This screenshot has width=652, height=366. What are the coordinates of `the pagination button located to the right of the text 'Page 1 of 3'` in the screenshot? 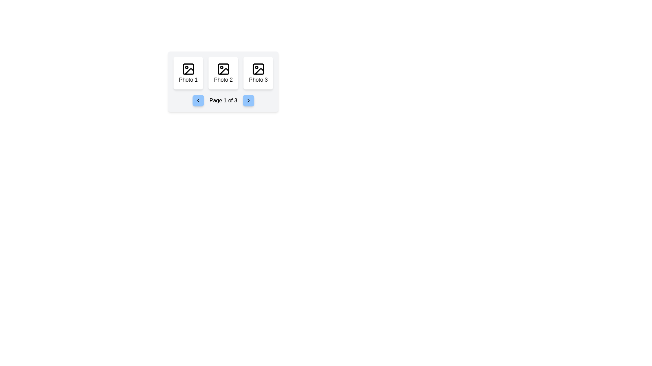 It's located at (248, 101).